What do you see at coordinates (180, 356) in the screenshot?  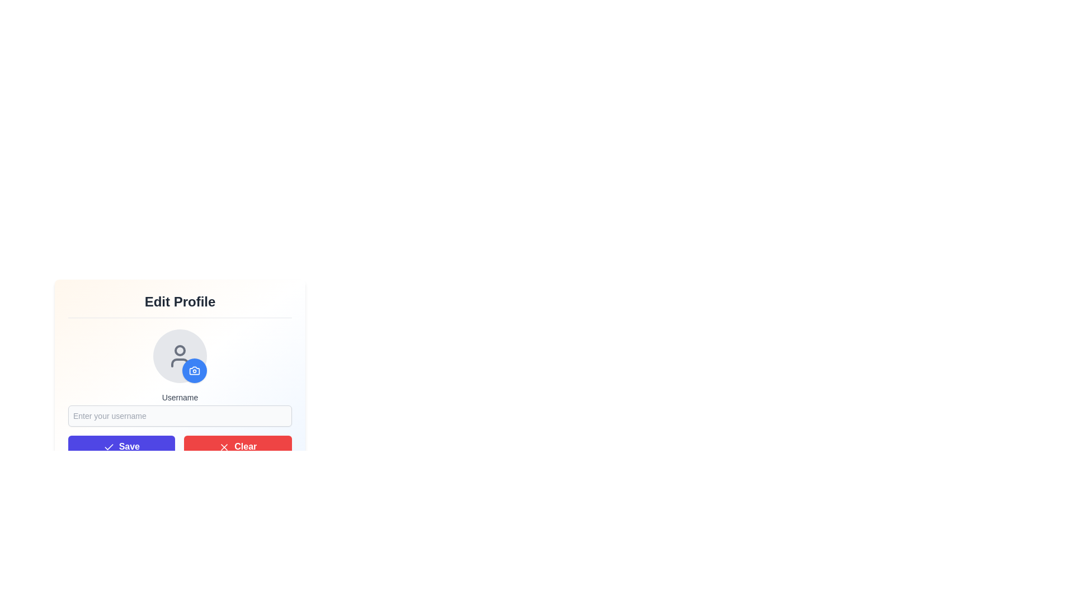 I see `an image onto the interactive avatar button located in the 'Edit Profile' card, which is centered beneath the 'Edit Profile' header and above the 'Username' area` at bounding box center [180, 356].